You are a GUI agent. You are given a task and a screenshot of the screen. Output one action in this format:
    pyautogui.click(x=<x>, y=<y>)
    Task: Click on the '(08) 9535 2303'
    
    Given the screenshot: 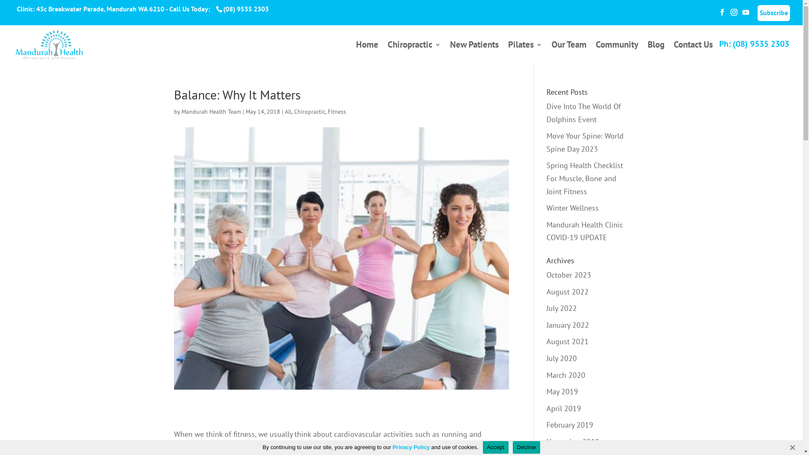 What is the action you would take?
    pyautogui.click(x=244, y=8)
    